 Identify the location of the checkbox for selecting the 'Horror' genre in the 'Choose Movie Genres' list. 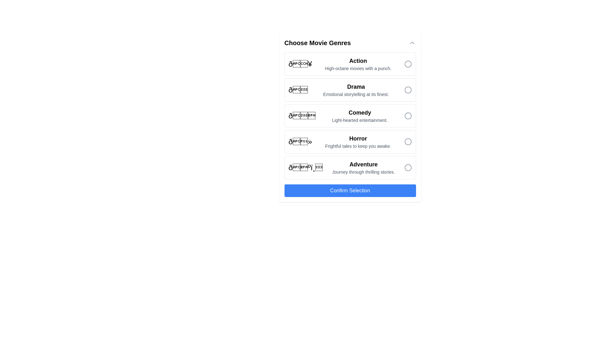
(408, 141).